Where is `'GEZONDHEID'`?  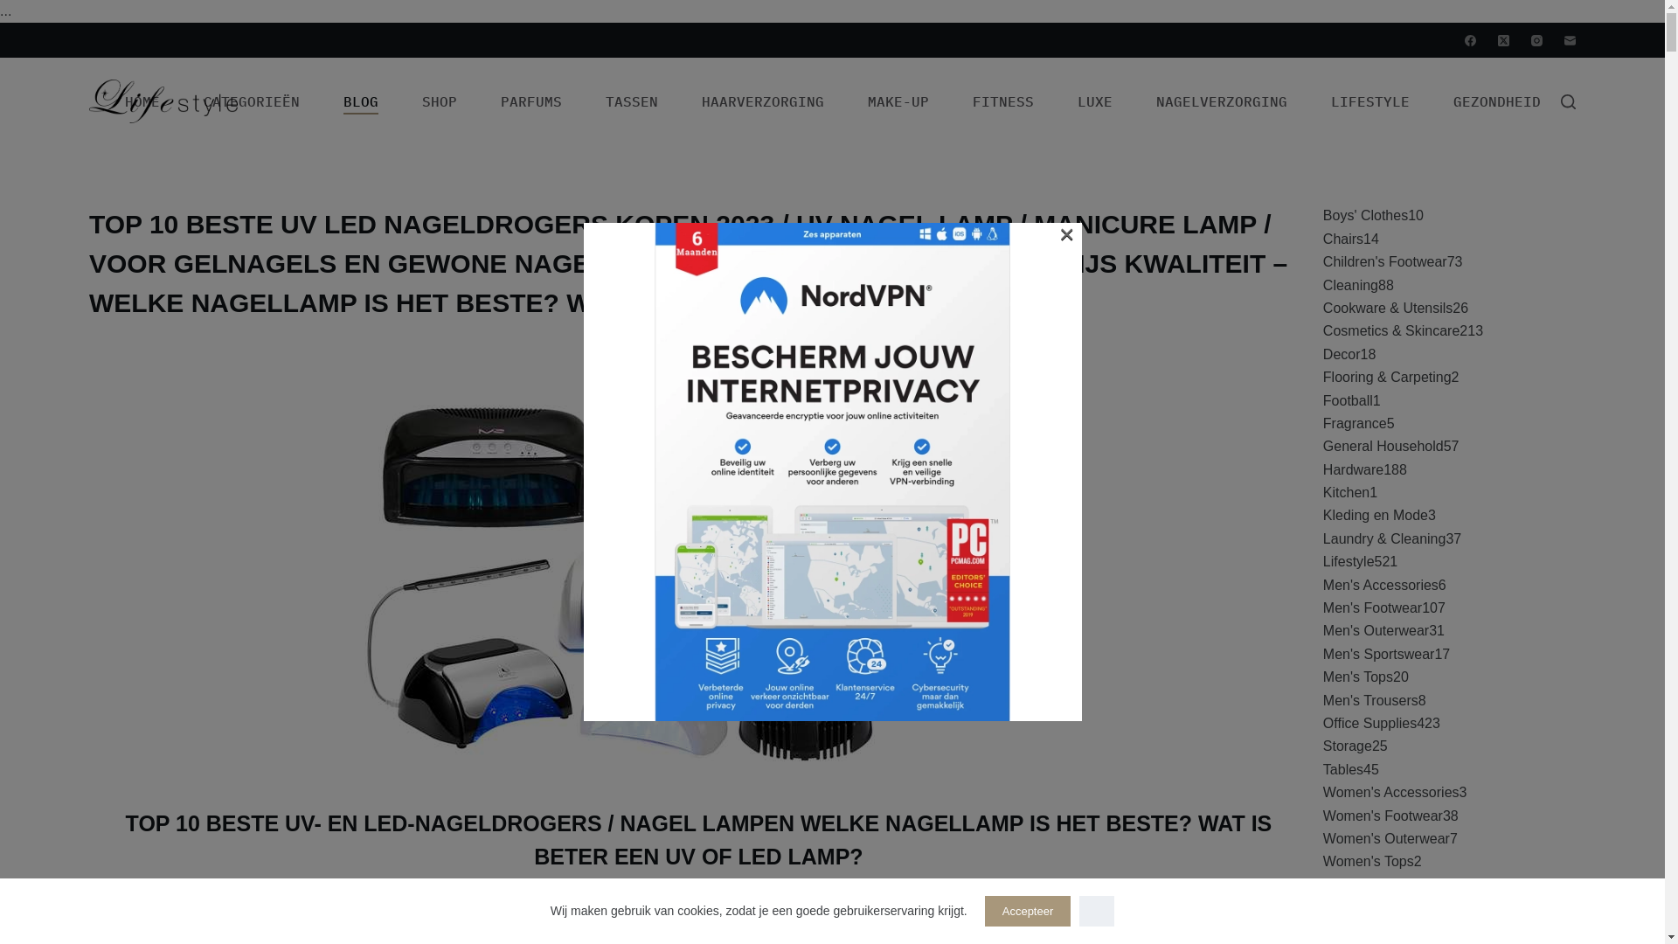
'GEZONDHEID' is located at coordinates (1496, 101).